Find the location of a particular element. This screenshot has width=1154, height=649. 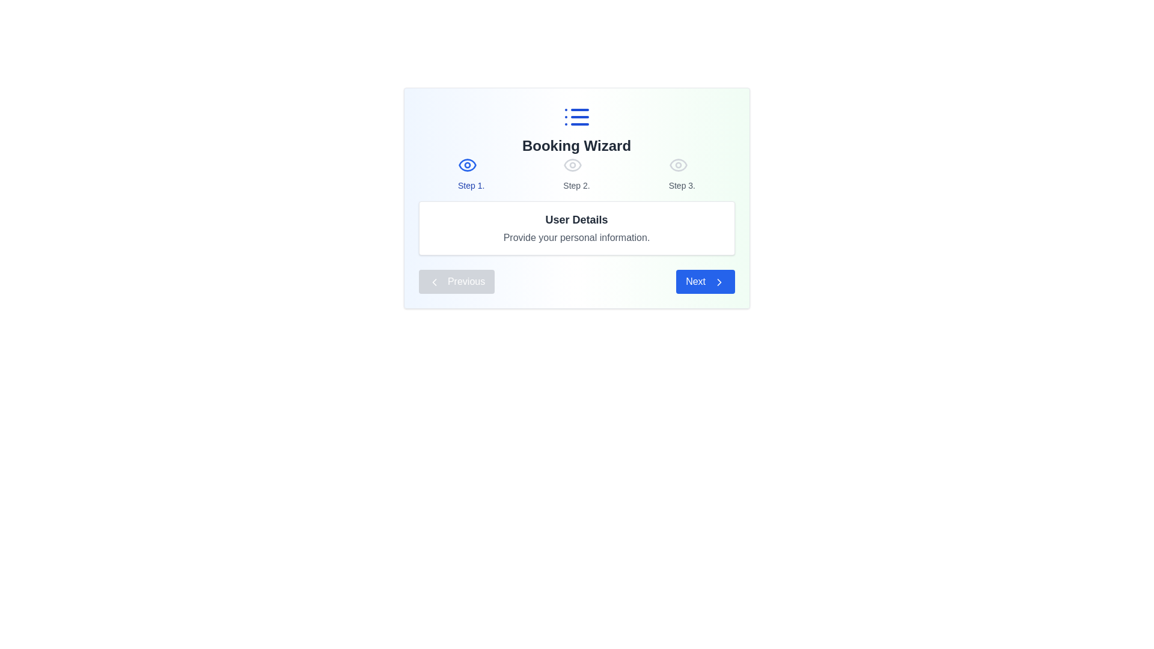

text label displaying 'Step 1.' in blue, which is positioned below the blue eye icon and indicates the first step in a horizontal sequence of steps is located at coordinates (471, 185).